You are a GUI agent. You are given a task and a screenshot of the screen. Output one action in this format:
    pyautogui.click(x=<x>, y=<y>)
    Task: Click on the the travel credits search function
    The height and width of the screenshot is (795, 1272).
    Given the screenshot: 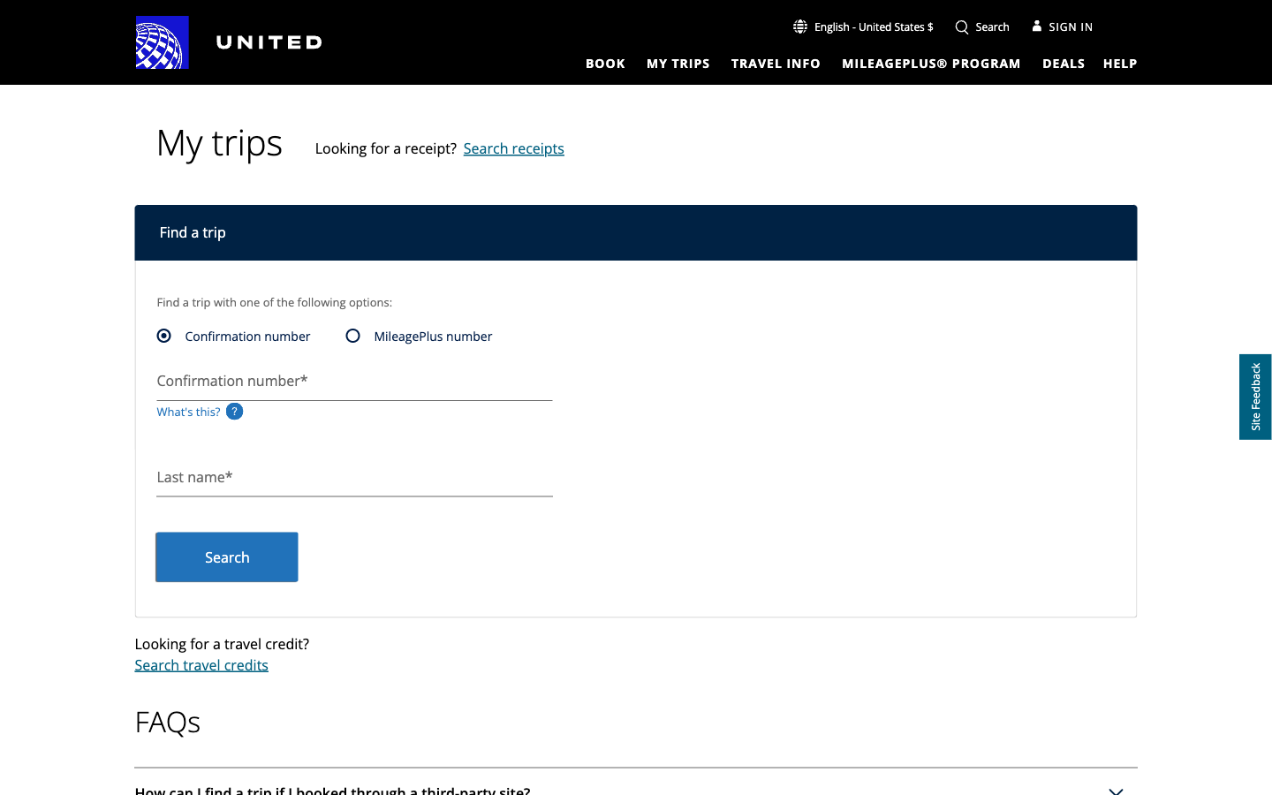 What is the action you would take?
    pyautogui.click(x=201, y=664)
    